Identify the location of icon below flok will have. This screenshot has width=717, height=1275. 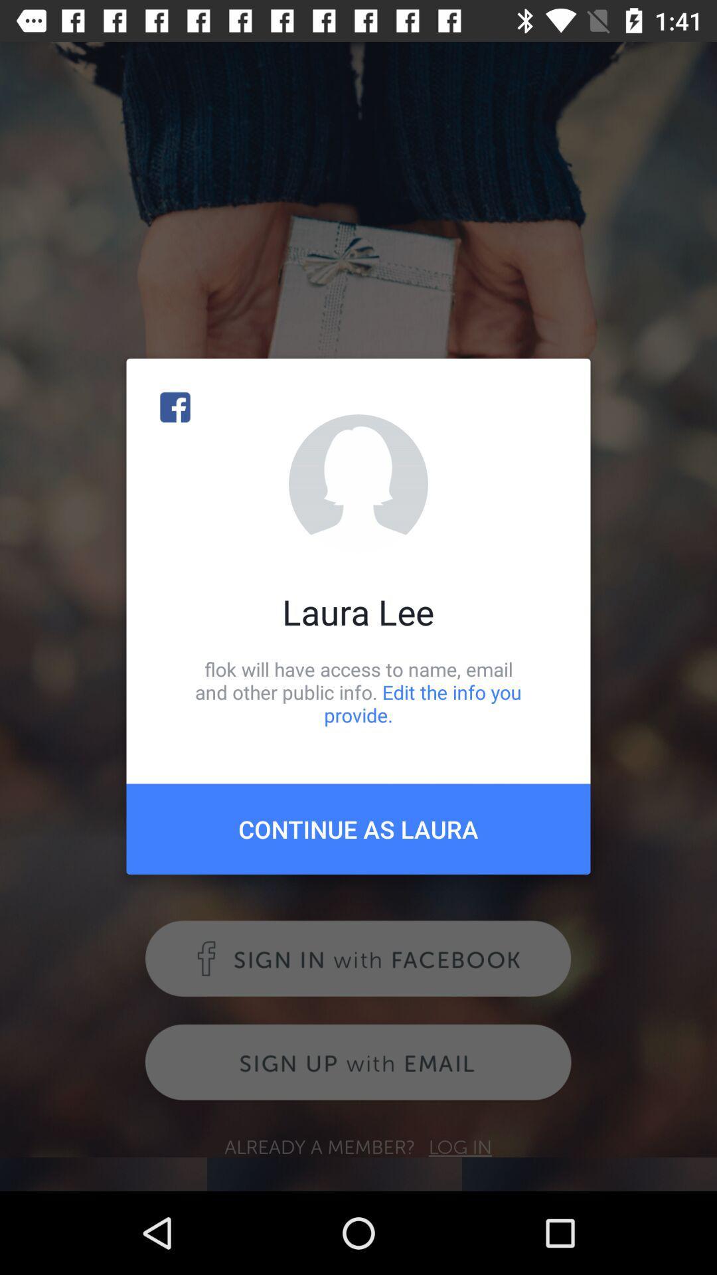
(358, 828).